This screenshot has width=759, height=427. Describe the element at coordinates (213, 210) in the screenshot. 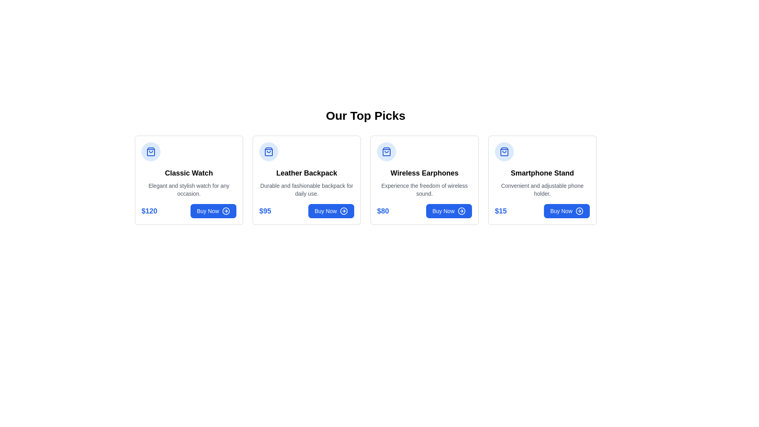

I see `the 'Buy Now' button, a blue rectangular button with white text and an arrow icon, located at the bottom-right of the 'Classic Watch' card` at that location.